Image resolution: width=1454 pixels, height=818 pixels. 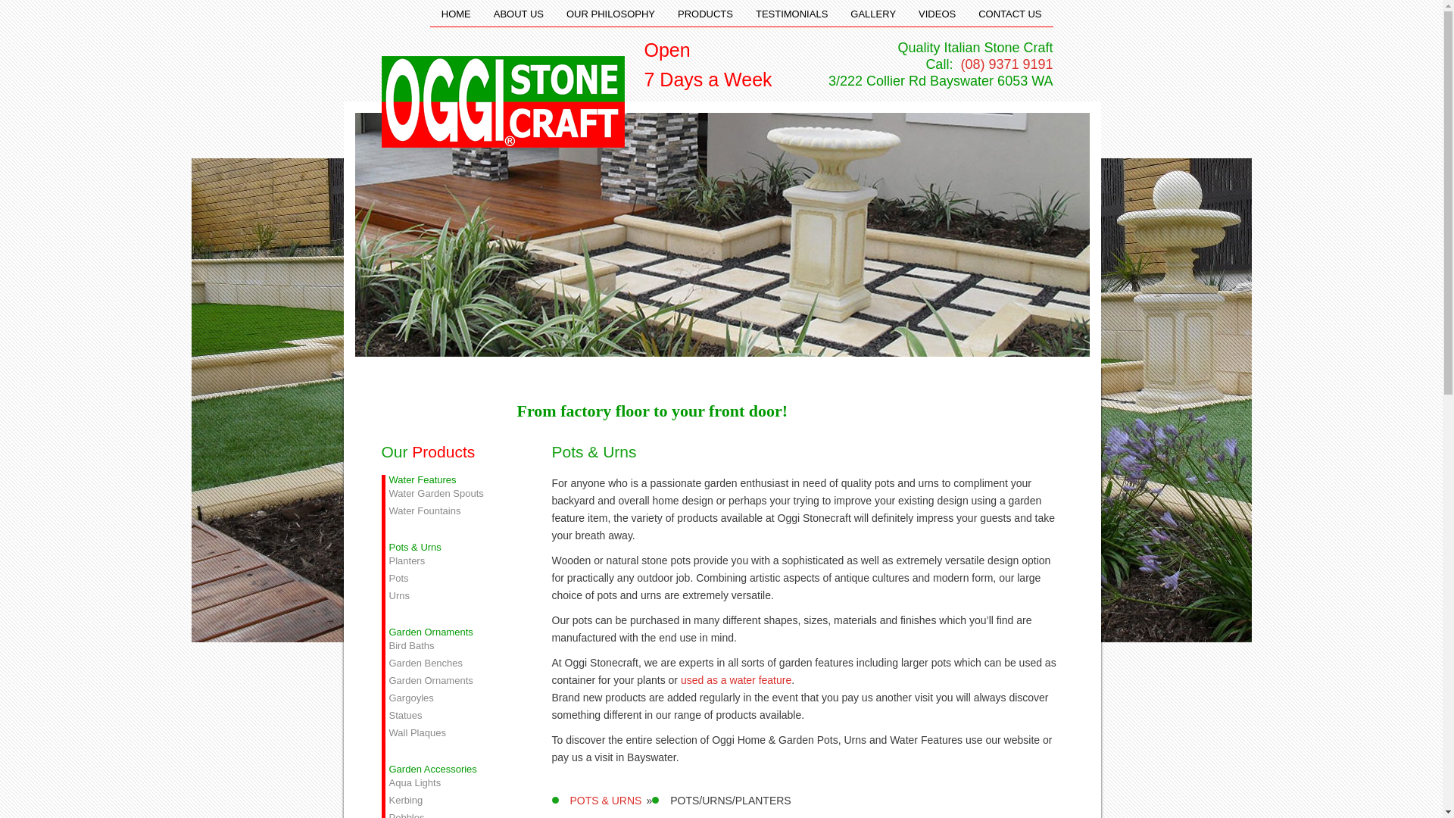 What do you see at coordinates (451, 560) in the screenshot?
I see `'Planters'` at bounding box center [451, 560].